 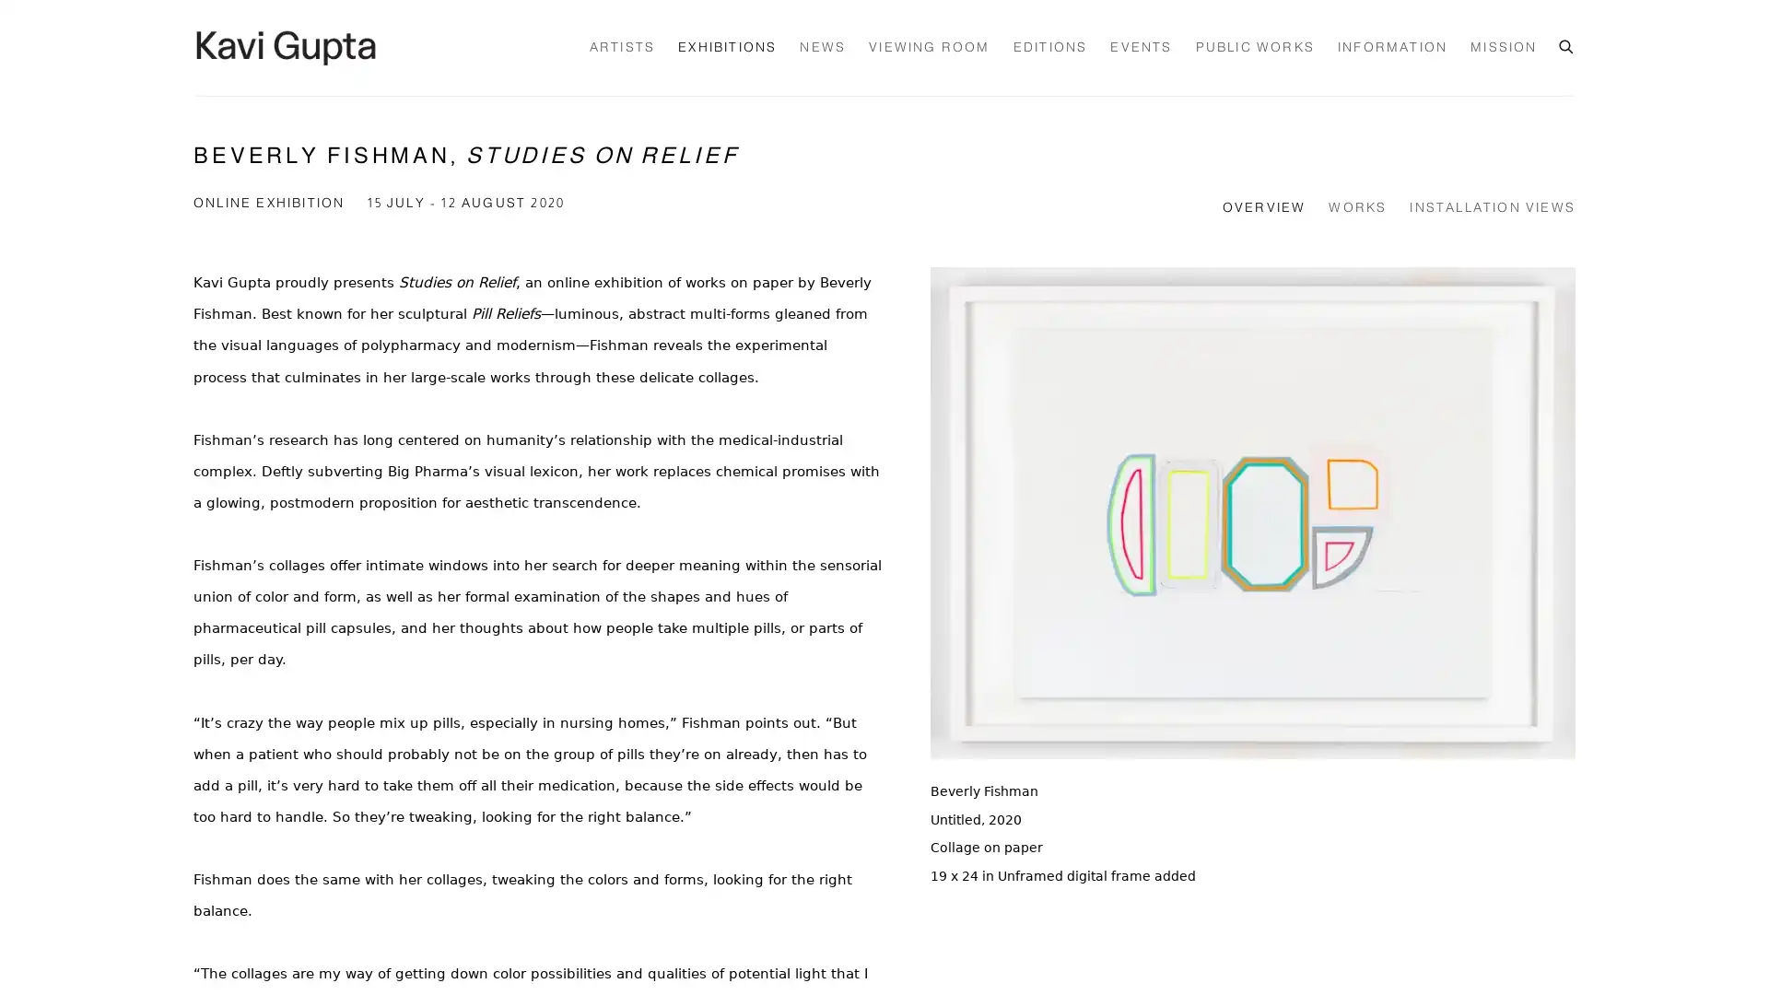 What do you see at coordinates (1357, 208) in the screenshot?
I see `WORKS` at bounding box center [1357, 208].